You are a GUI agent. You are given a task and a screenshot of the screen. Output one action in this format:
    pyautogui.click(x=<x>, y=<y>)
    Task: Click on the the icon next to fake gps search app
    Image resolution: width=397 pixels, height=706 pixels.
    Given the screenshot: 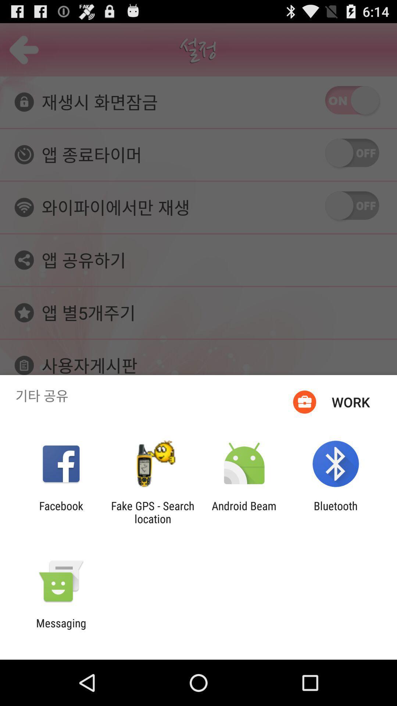 What is the action you would take?
    pyautogui.click(x=61, y=512)
    